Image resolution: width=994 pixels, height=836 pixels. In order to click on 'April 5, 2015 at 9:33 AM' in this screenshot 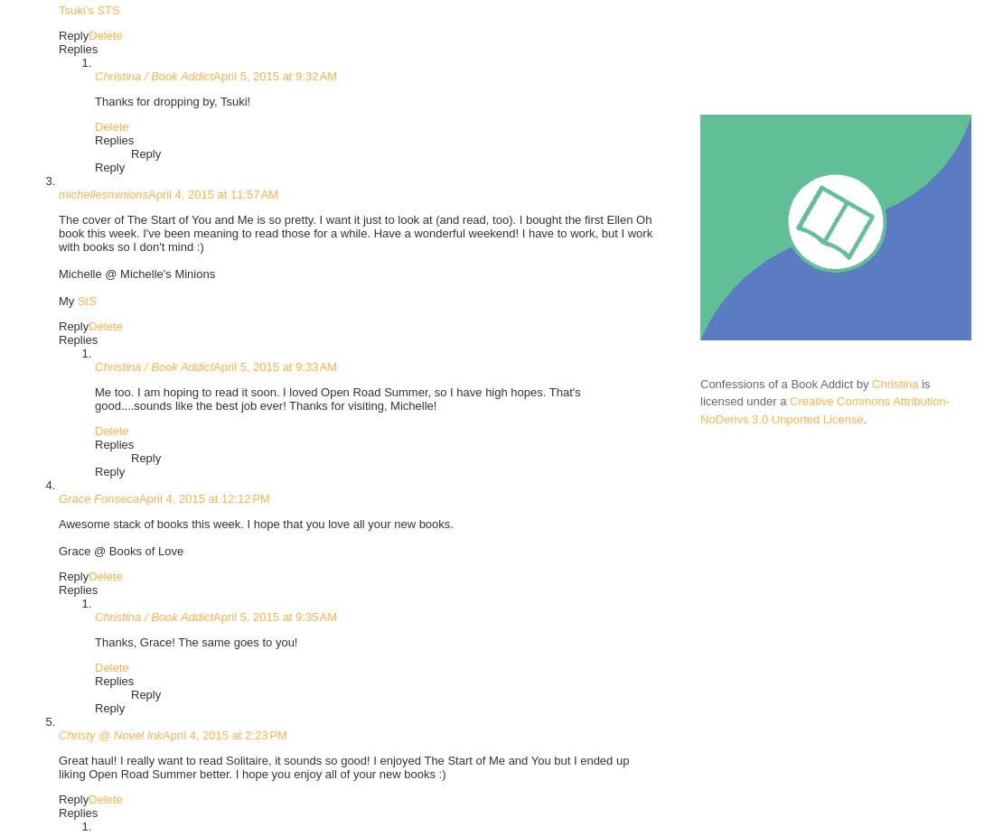, I will do `click(274, 366)`.